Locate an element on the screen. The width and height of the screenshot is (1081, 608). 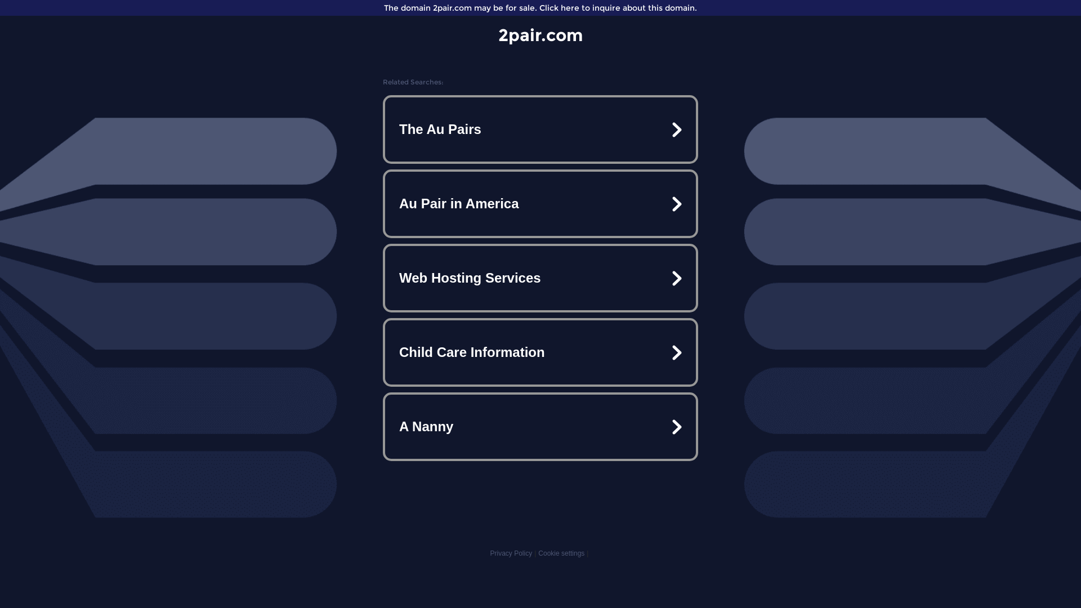
'Cookie settings' is located at coordinates (537, 553).